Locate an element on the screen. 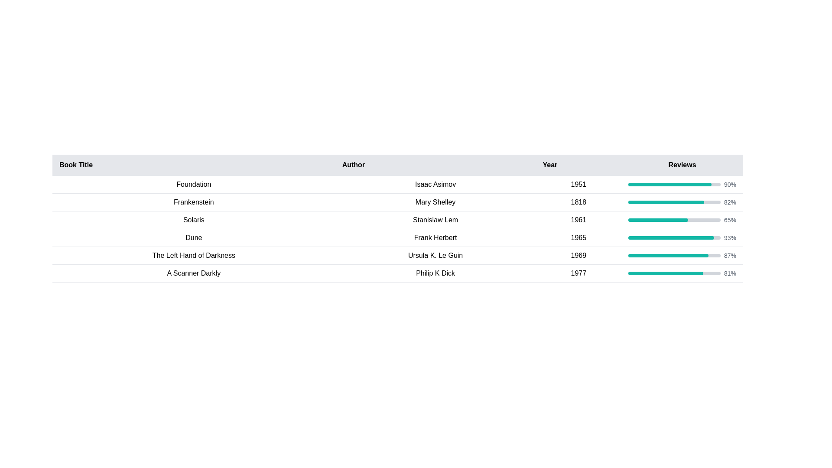 This screenshot has width=832, height=468. the text element displaying 'Isaac Asimov' in the 'Author' column of the row for the book title 'Foundation' is located at coordinates (435, 184).